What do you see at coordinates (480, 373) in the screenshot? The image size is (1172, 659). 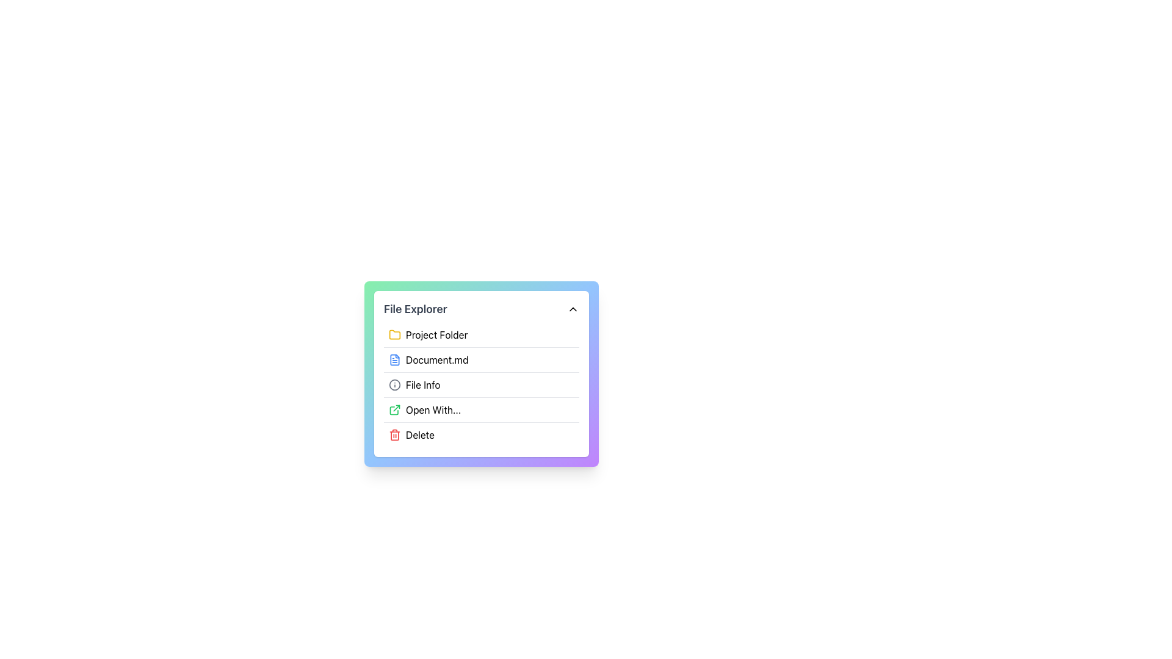 I see `the list item representing the file named 'Document.md' in the 'File Explorer'` at bounding box center [480, 373].